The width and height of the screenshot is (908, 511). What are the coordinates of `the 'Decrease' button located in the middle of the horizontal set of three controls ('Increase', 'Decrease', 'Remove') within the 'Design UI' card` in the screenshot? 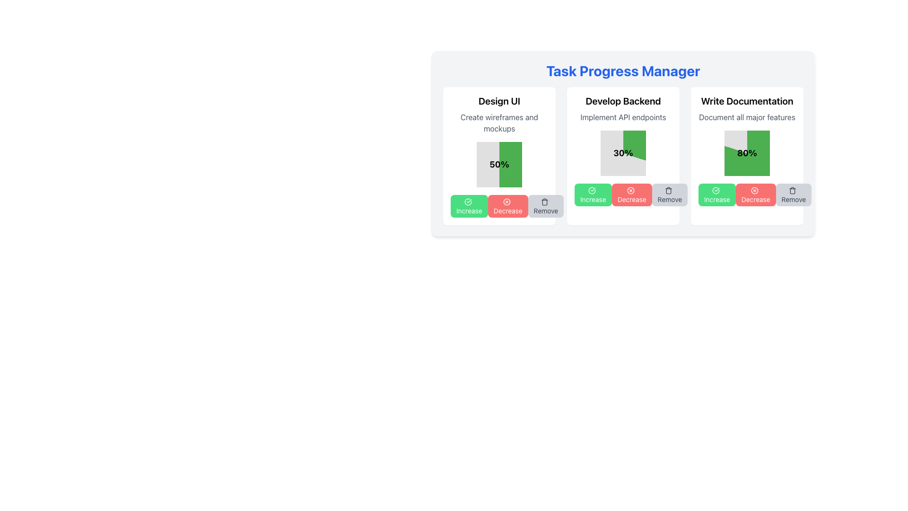 It's located at (499, 205).